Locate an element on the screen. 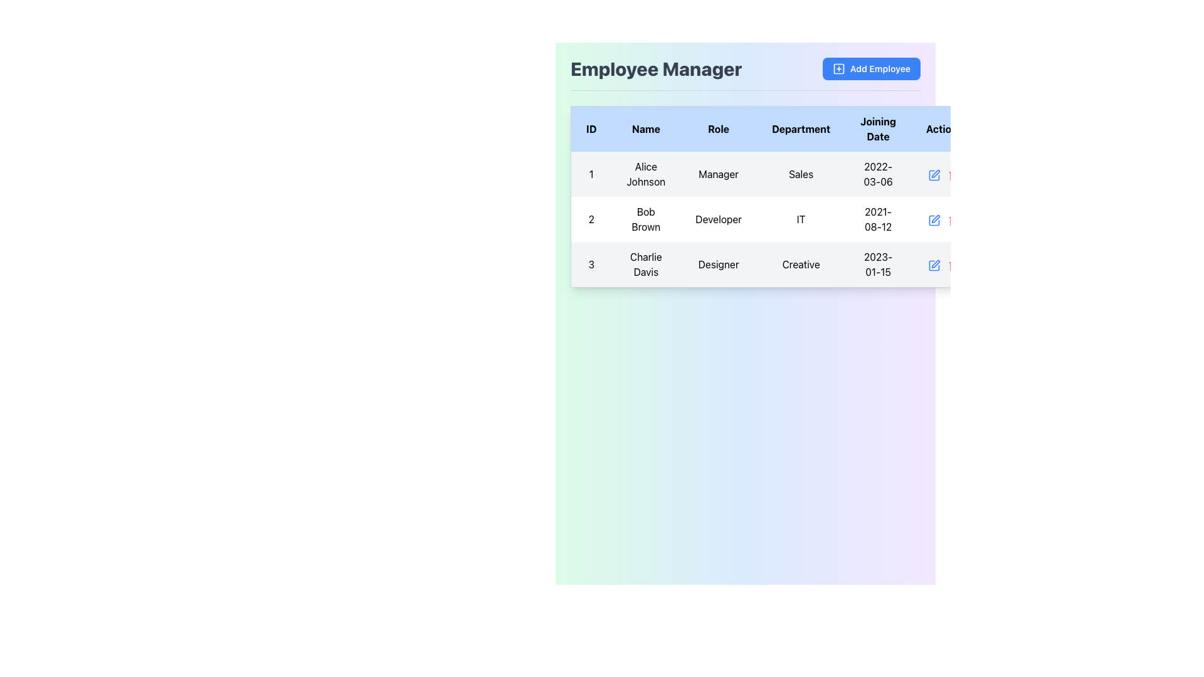  the text display element showing the name 'Alice Johnson' in black lettering, located in the second column of the first row under the 'Name' header is located at coordinates (646, 174).